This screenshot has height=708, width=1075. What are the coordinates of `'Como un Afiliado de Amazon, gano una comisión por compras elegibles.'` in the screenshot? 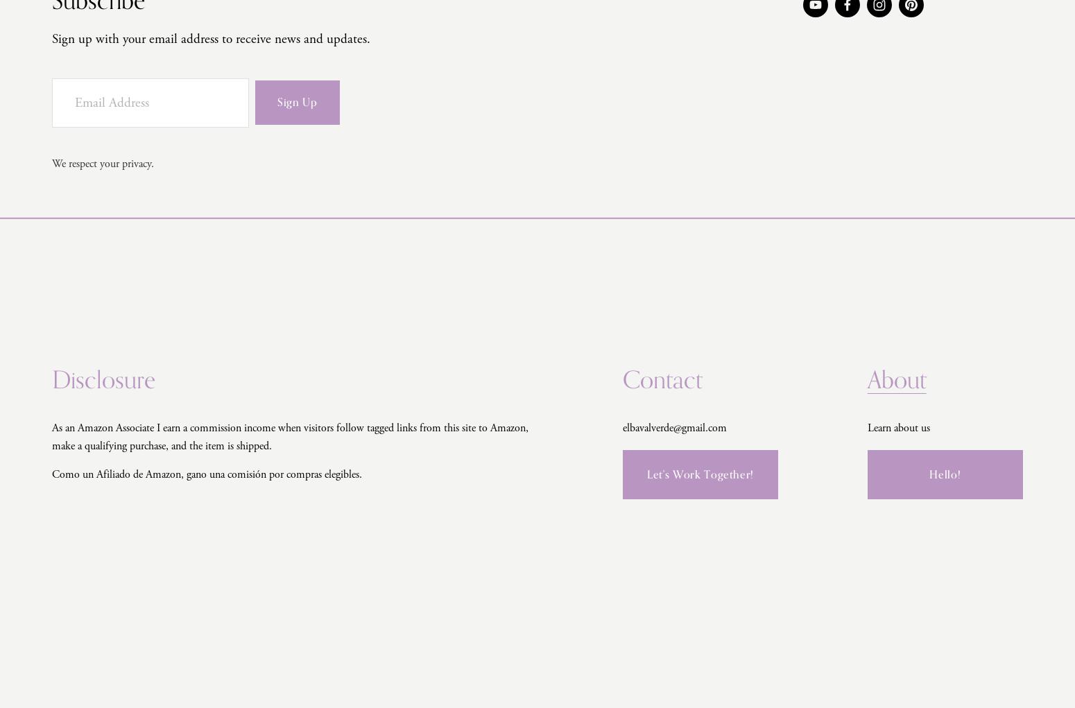 It's located at (207, 474).